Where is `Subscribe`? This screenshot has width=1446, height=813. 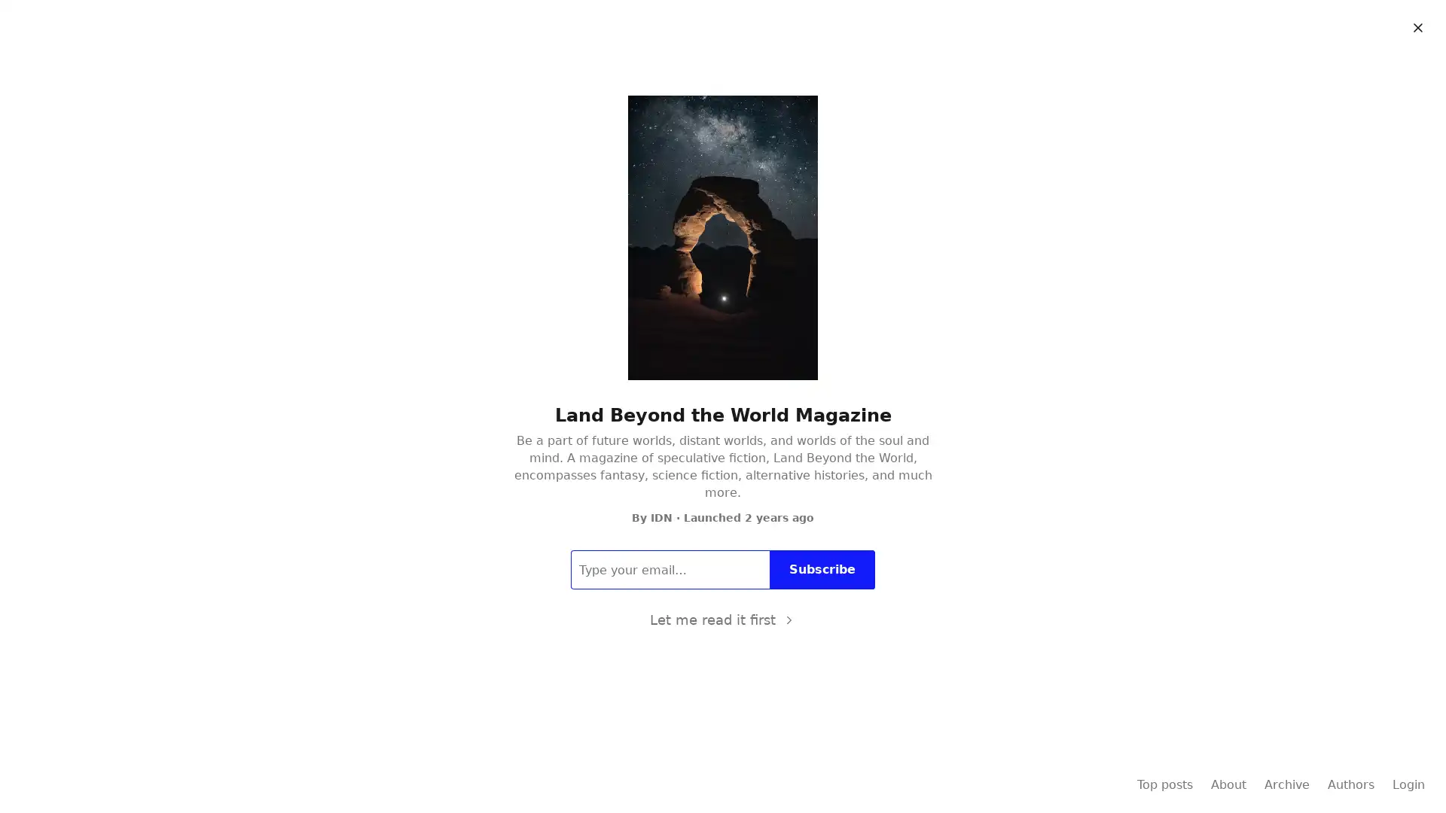
Subscribe is located at coordinates (1324, 23).